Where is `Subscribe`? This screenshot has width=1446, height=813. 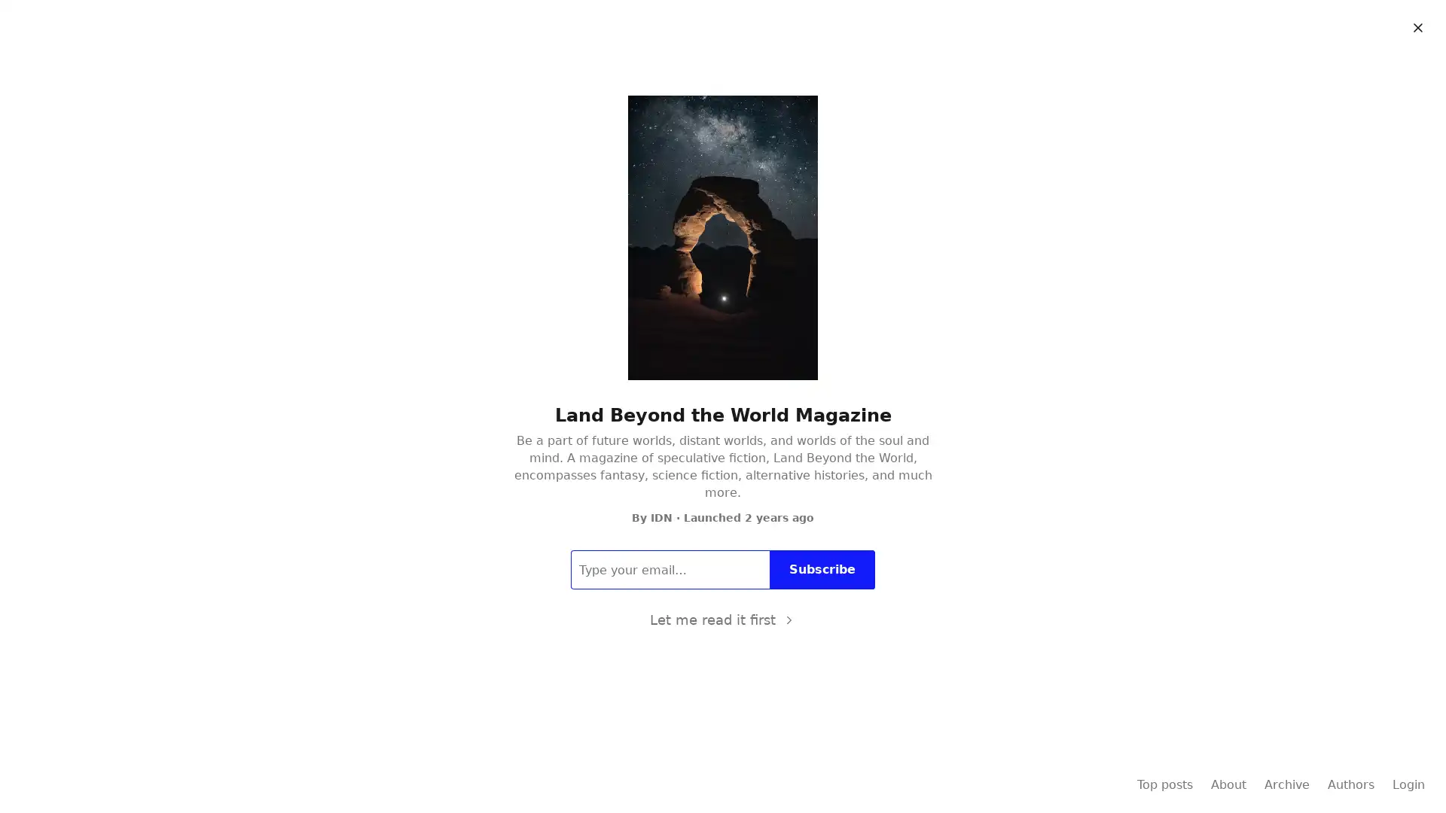
Subscribe is located at coordinates (1324, 23).